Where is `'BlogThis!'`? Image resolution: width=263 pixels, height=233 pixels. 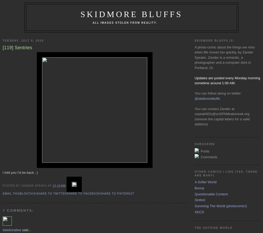
'BlogThis!' is located at coordinates (19, 193).